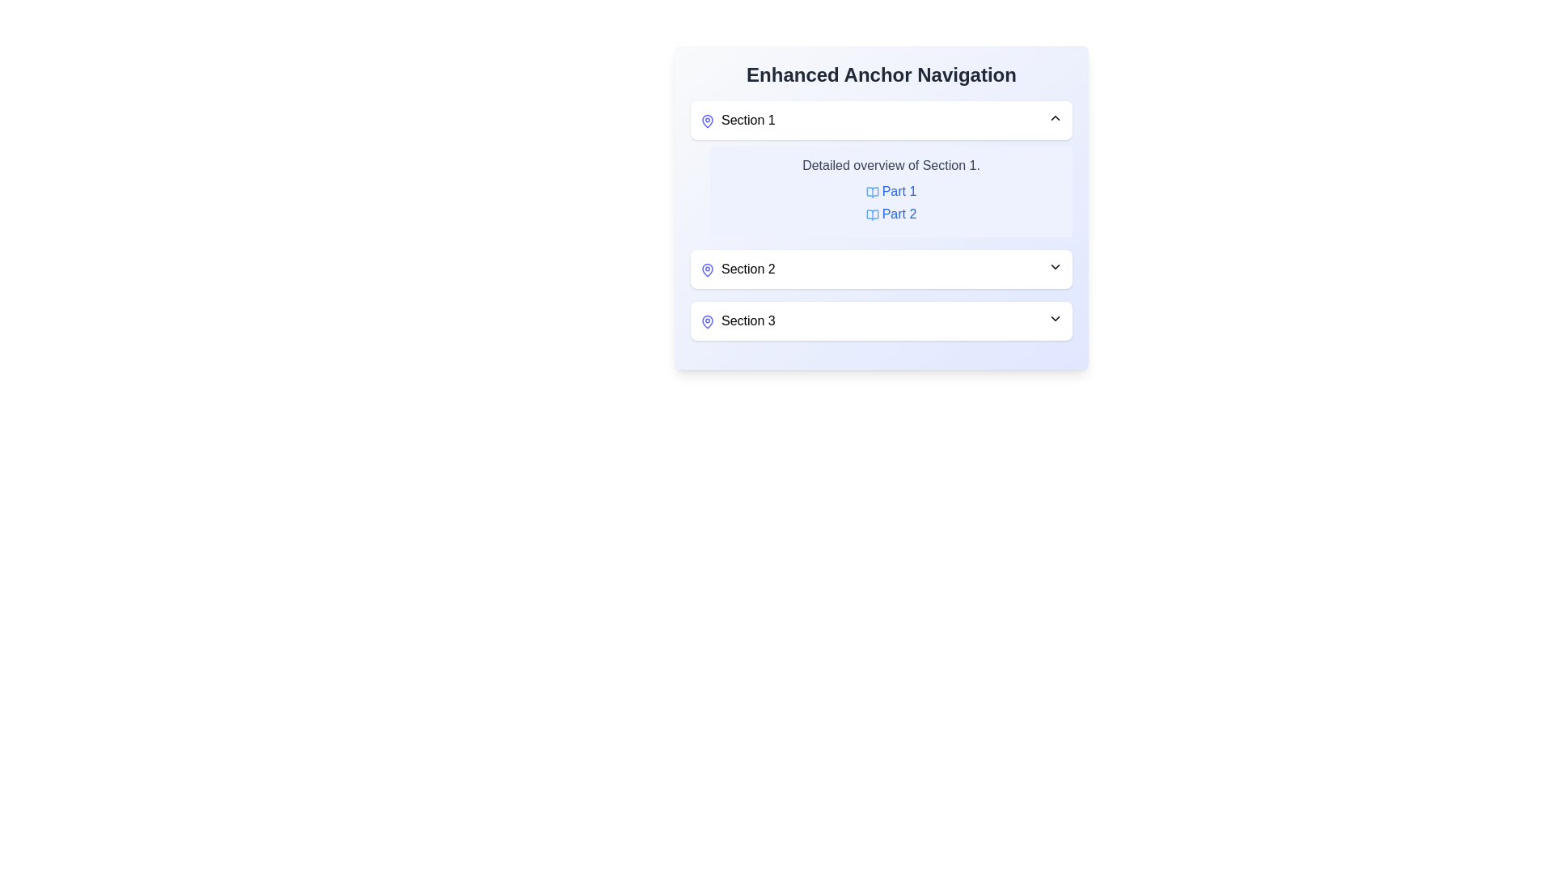  Describe the element at coordinates (871, 191) in the screenshot. I see `open book icon located immediately to the left of the text 'Part 1' in 'Section 1'` at that location.